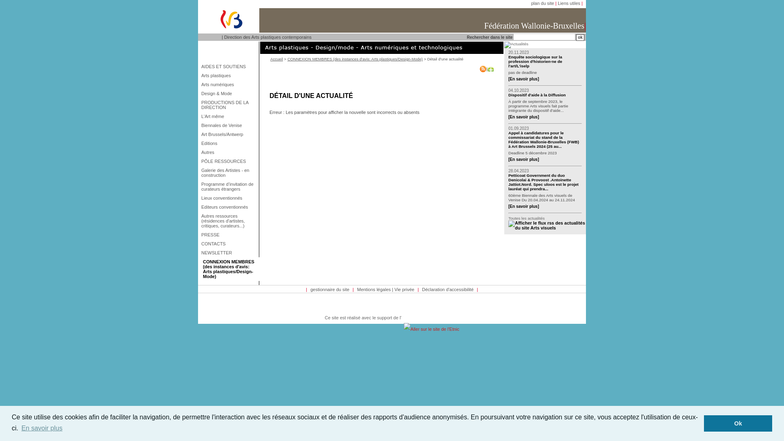  Describe the element at coordinates (523, 117) in the screenshot. I see `'[En savoir plus]'` at that location.